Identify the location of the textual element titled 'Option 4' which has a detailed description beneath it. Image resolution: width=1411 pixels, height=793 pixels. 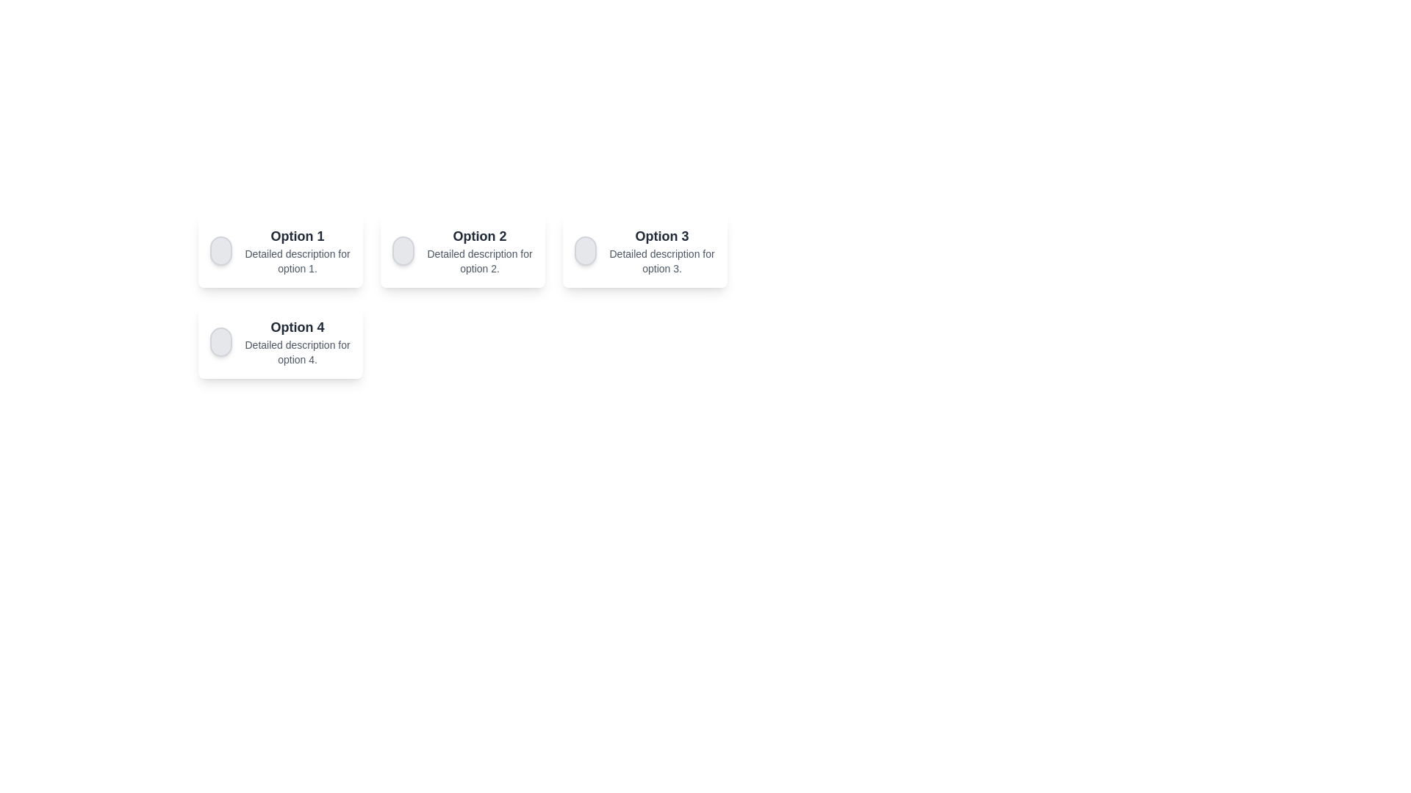
(297, 342).